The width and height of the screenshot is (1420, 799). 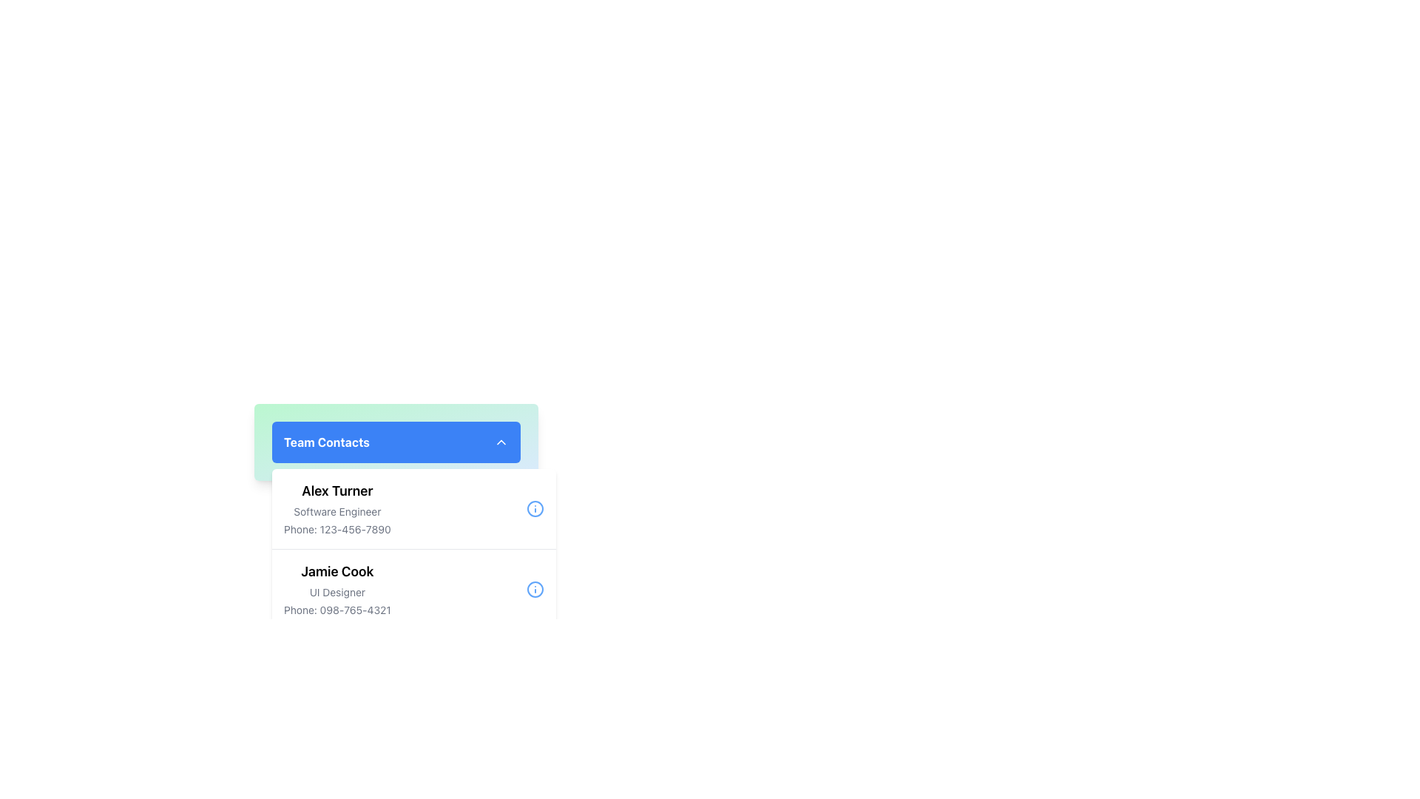 I want to click on text in the Text block displaying 'Alex Turner', 'Software Engineer', and 'Phone: 123-456-7890' located under the 'Team Contacts' section, so click(x=337, y=508).